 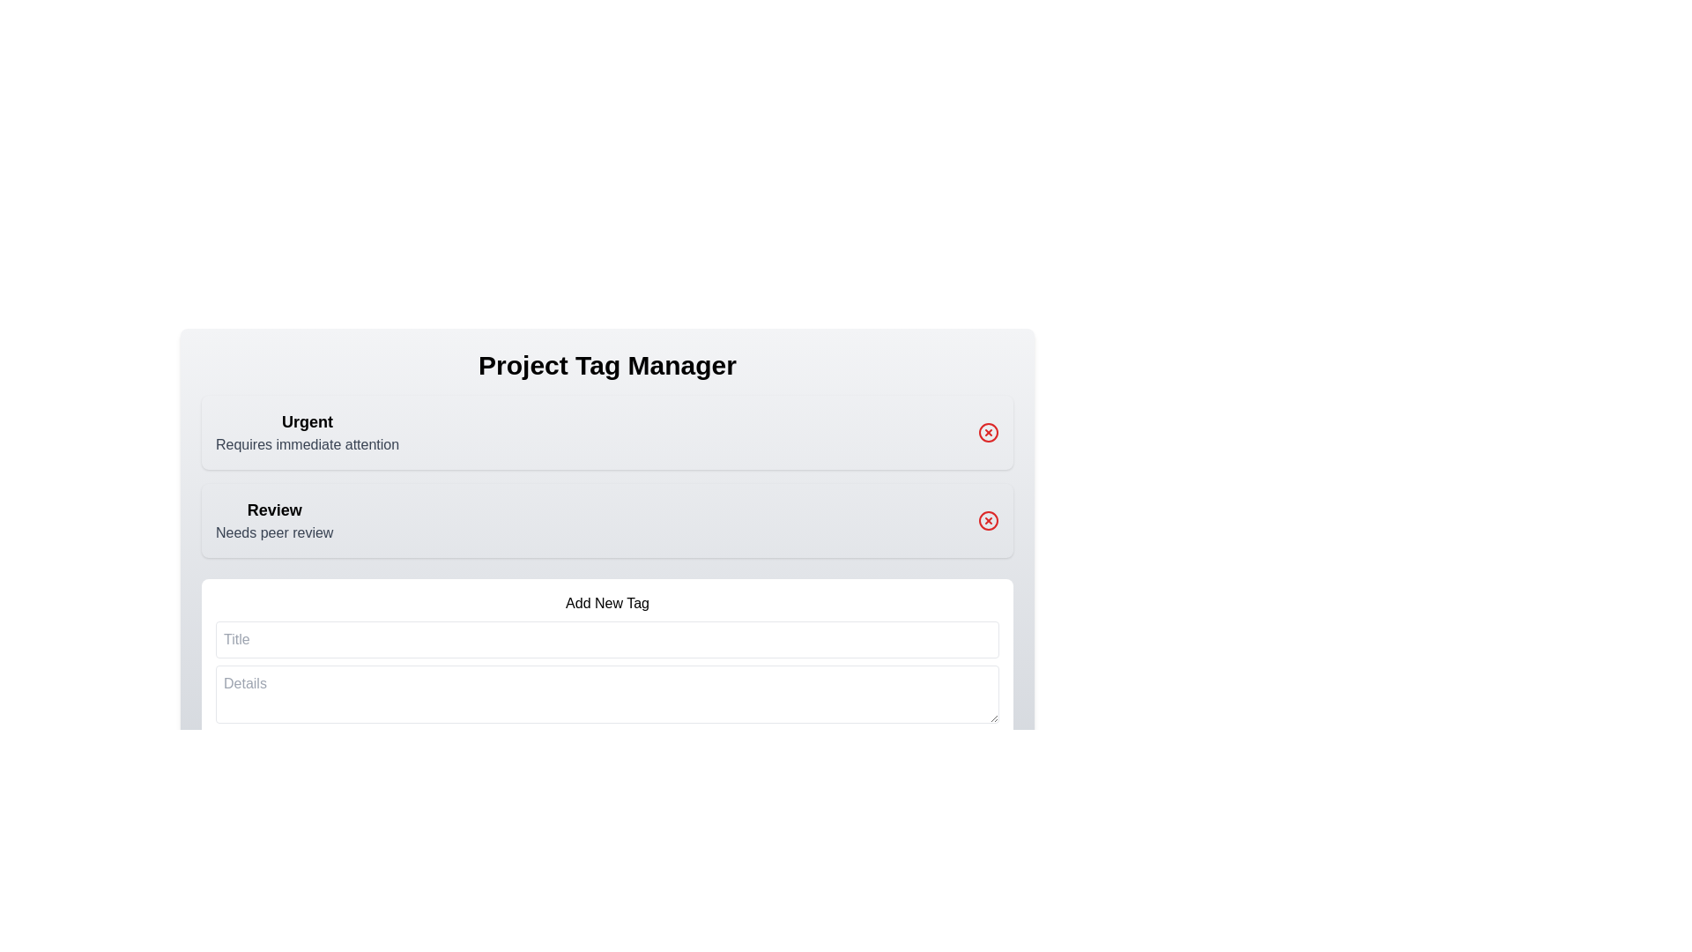 I want to click on the second input field within the 'Add New Tag' section to focus on it, so click(x=607, y=693).